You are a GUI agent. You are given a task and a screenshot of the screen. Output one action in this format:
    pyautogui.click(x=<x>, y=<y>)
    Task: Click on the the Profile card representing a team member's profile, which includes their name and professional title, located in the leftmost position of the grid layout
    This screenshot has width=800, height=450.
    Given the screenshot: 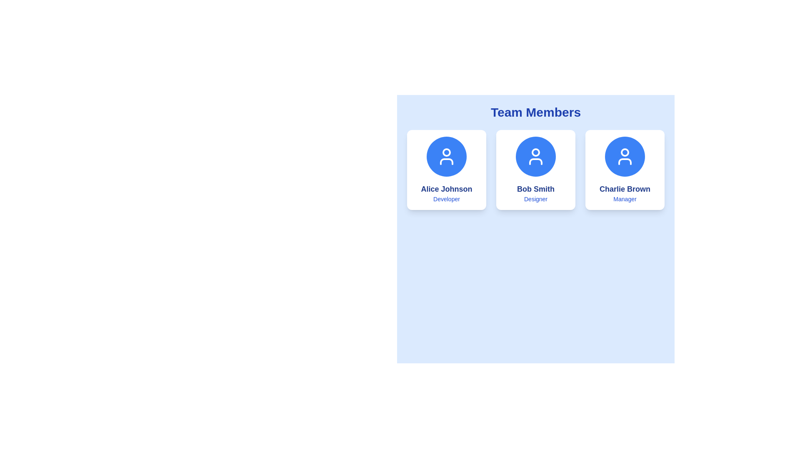 What is the action you would take?
    pyautogui.click(x=446, y=170)
    